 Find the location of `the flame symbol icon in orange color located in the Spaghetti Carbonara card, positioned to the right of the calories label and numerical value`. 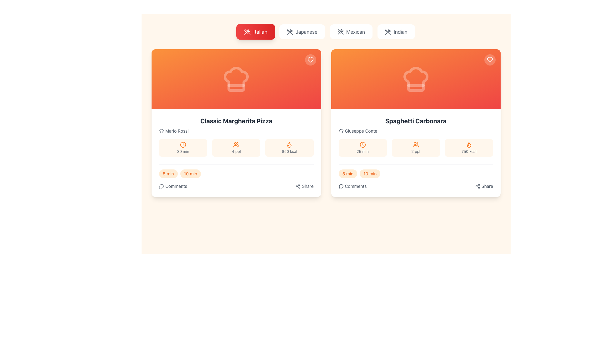

the flame symbol icon in orange color located in the Spaghetti Carbonara card, positioned to the right of the calories label and numerical value is located at coordinates (469, 145).